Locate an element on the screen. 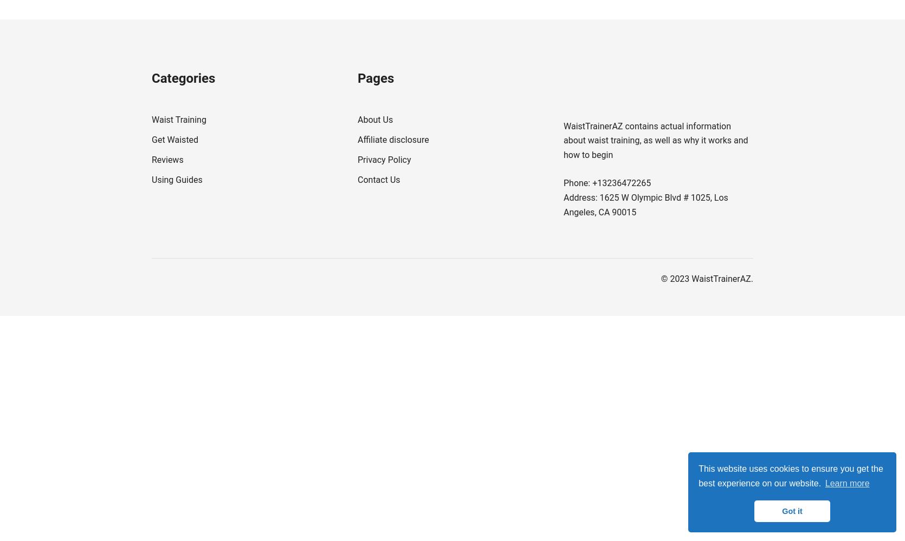 The image size is (905, 541). 'WaistTrainerAZ contains actual information about waist training, as well as why it works and how to begin' is located at coordinates (564, 140).